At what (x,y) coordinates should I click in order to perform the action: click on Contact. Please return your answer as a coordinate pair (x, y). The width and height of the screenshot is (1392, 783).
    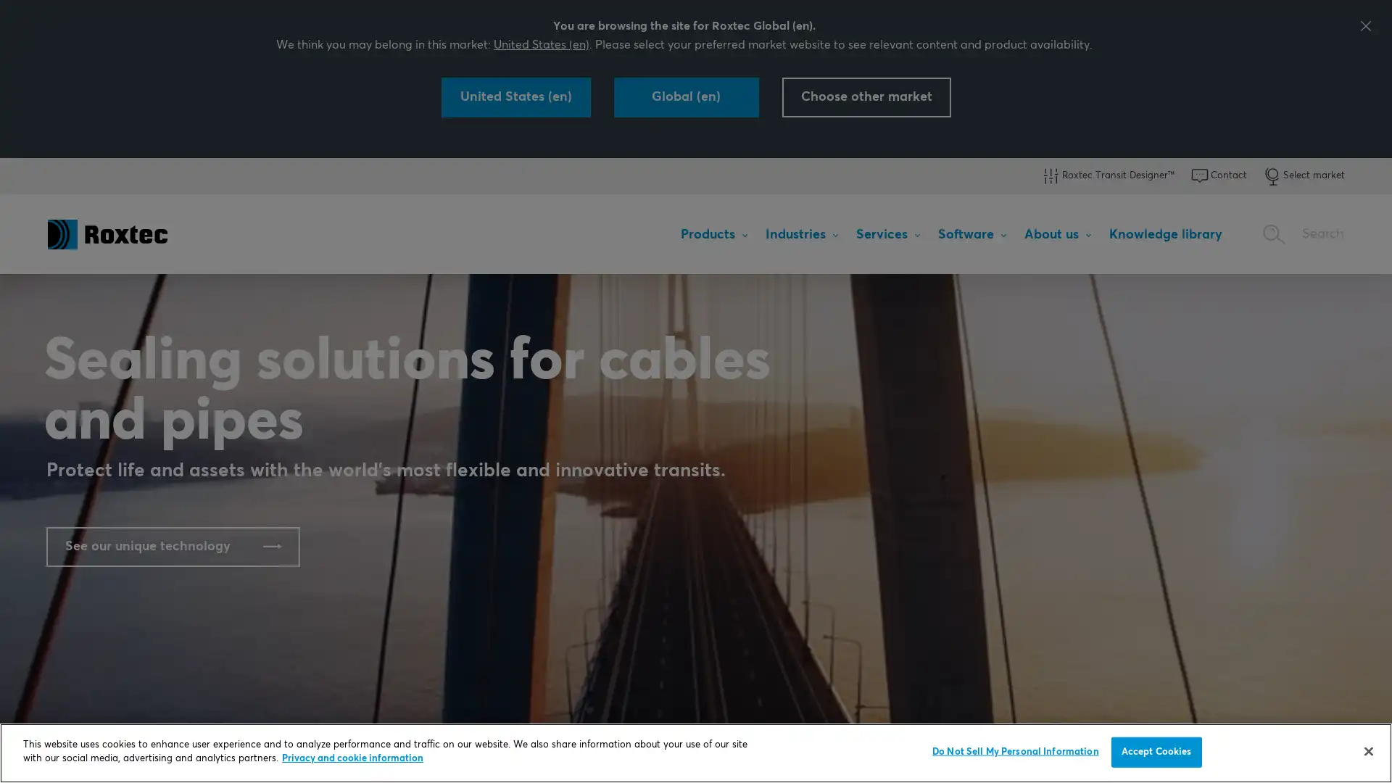
    Looking at the image, I should click on (1218, 175).